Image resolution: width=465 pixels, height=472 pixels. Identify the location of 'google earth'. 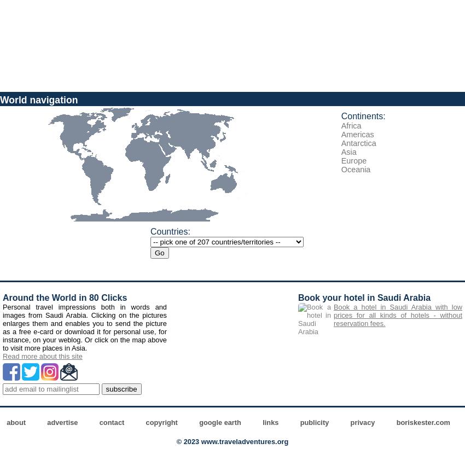
(219, 422).